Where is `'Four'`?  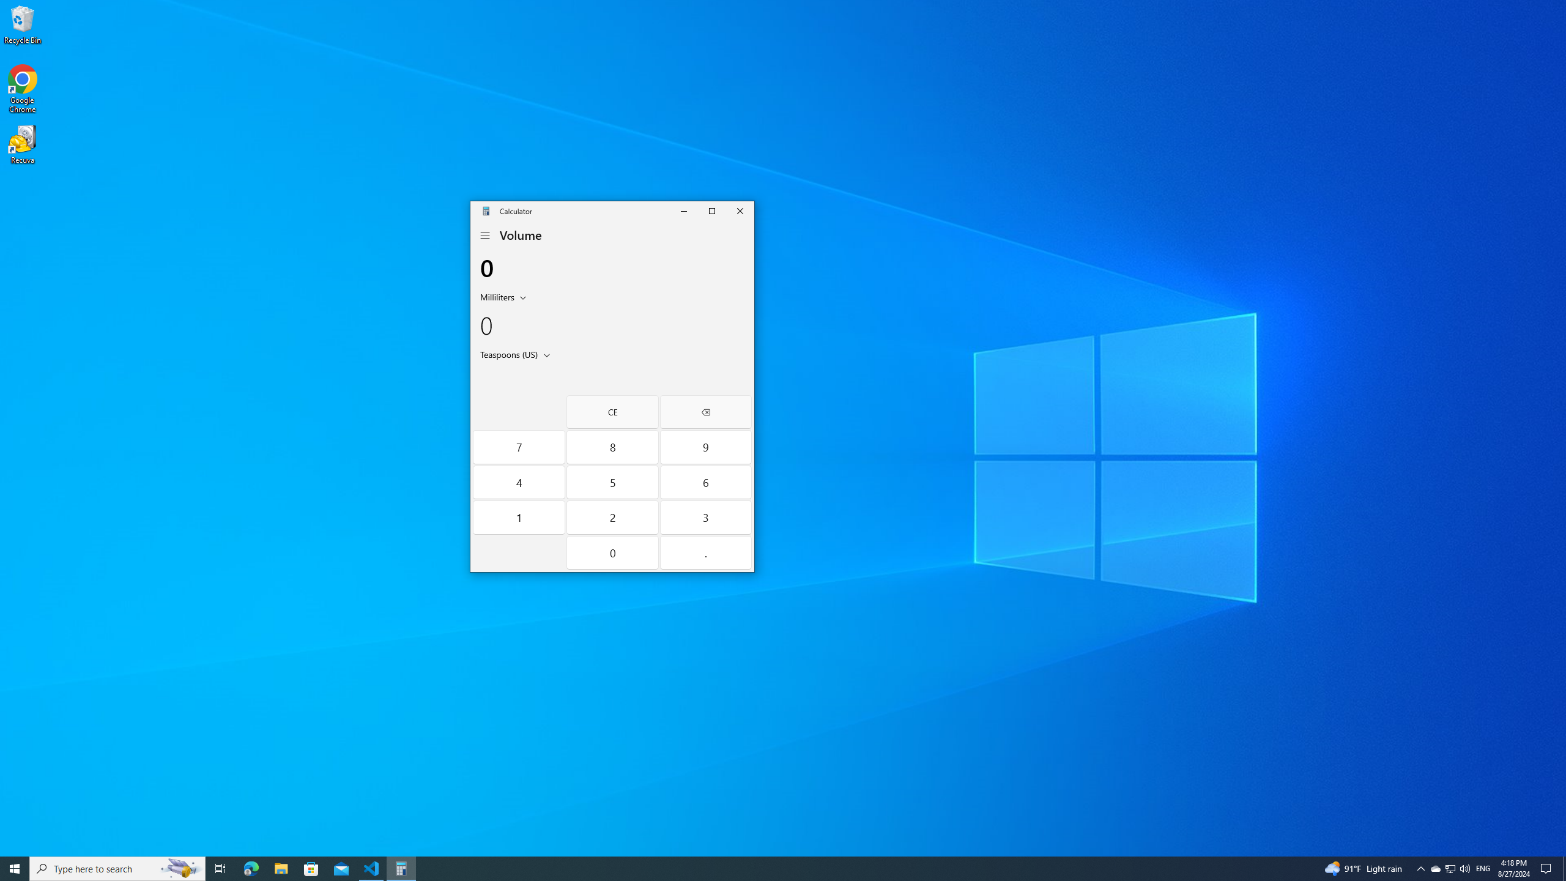 'Four' is located at coordinates (518, 482).